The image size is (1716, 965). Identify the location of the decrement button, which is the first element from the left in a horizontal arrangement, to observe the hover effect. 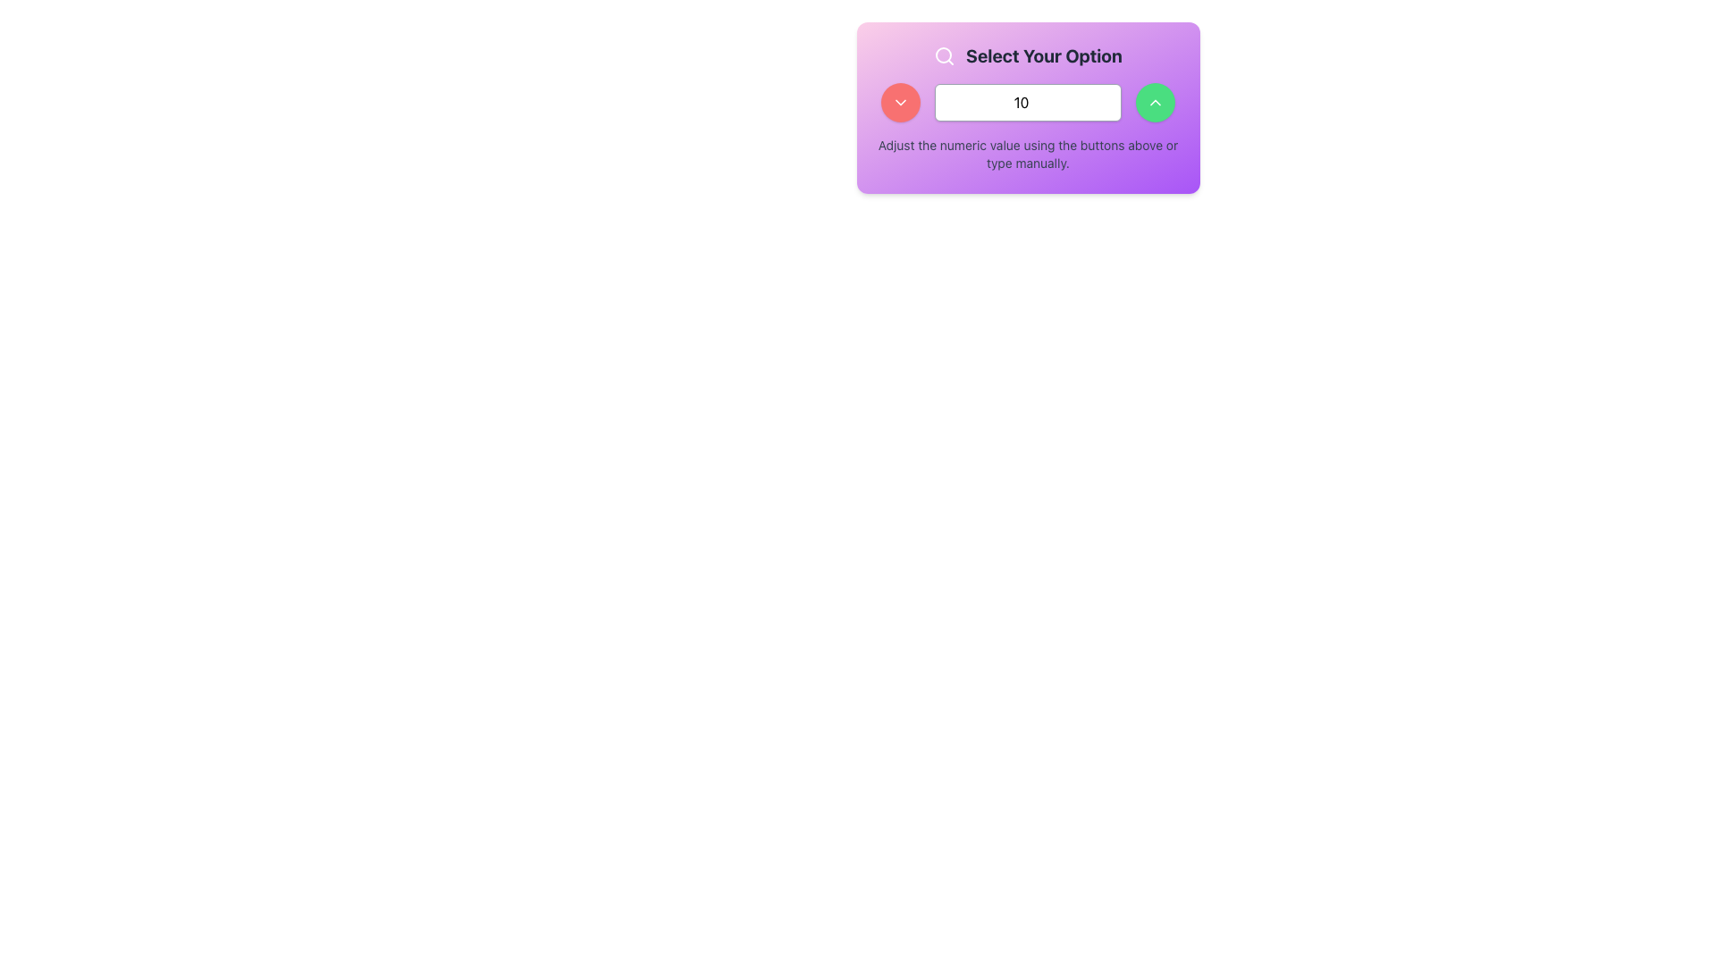
(901, 103).